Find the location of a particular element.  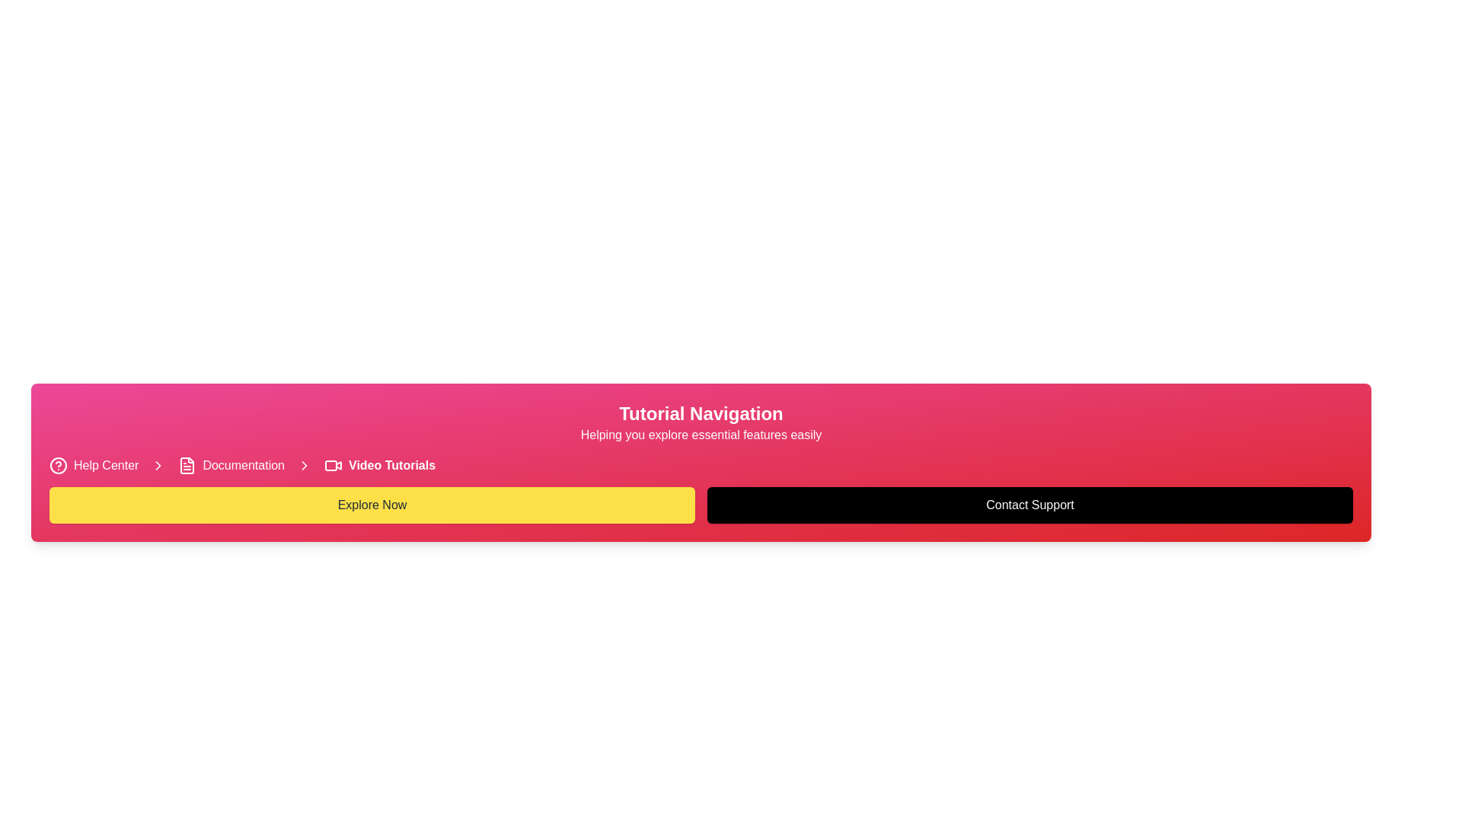

the 'Documentation' hyperlink element, which has a pink background and is styled with white text and an icon of a document is located at coordinates (231, 465).